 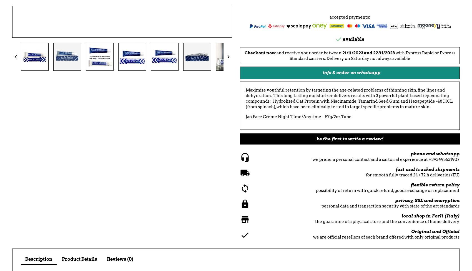 What do you see at coordinates (411, 231) in the screenshot?
I see `'Original and Official'` at bounding box center [411, 231].